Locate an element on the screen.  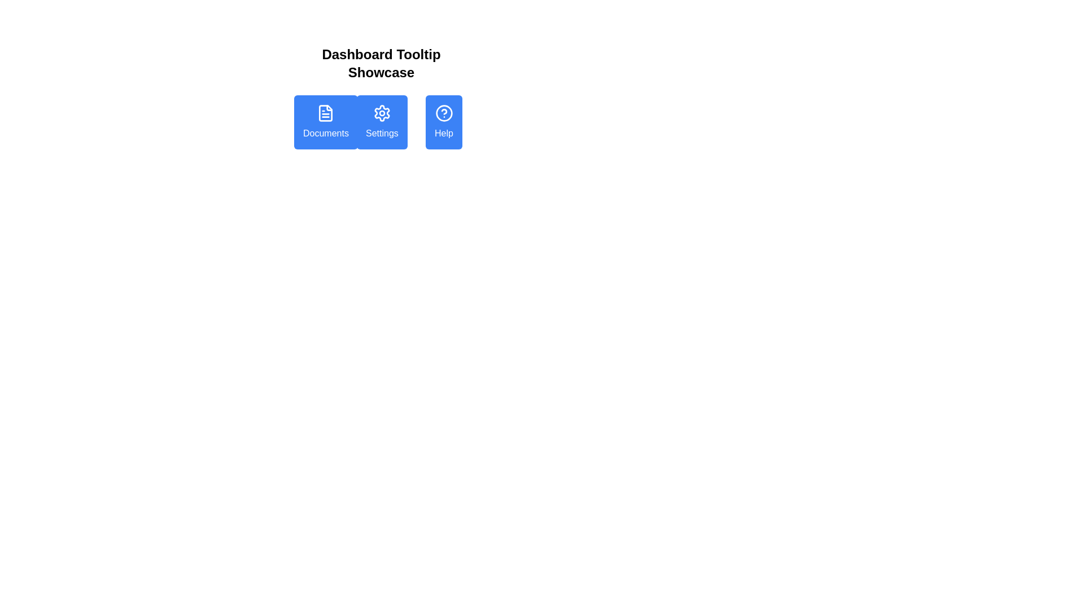
the blue rectangular 'Help' button with a question mark icon is located at coordinates (443, 122).